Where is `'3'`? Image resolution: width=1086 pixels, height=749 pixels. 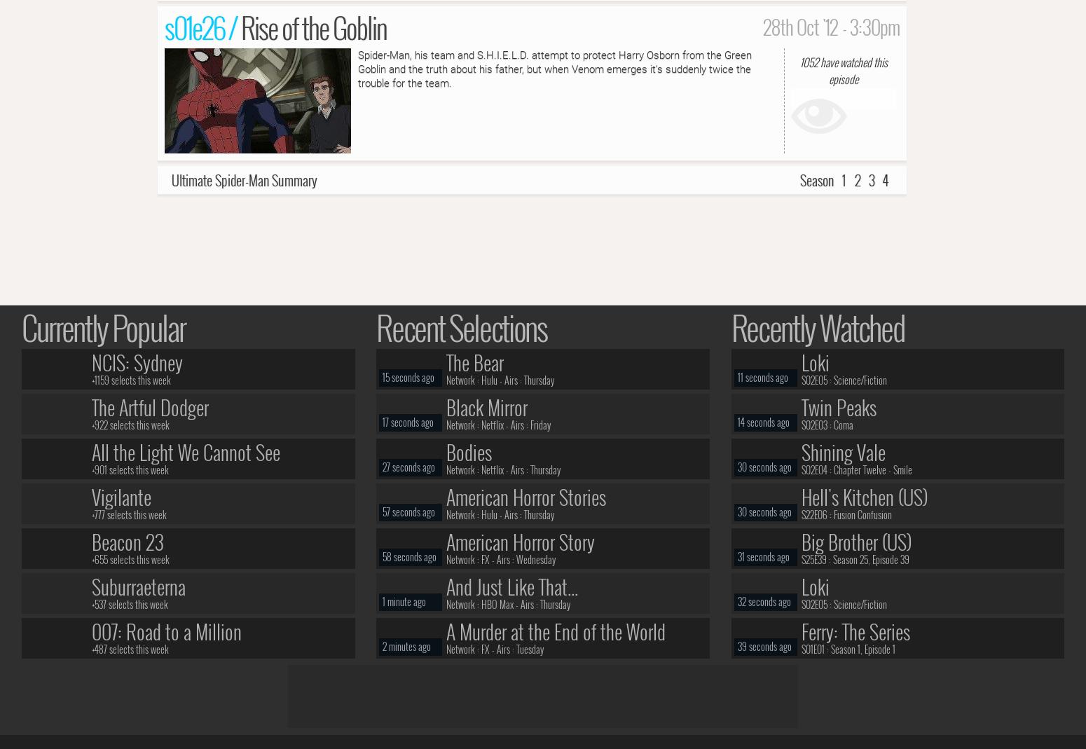 '3' is located at coordinates (870, 179).